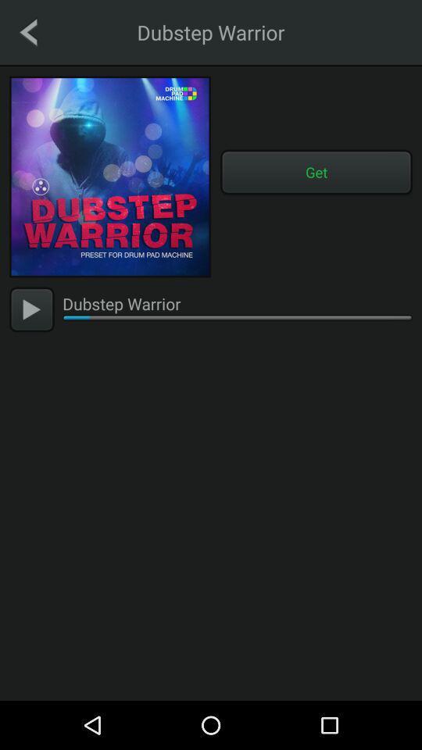  I want to click on the arrow_backward icon, so click(28, 31).